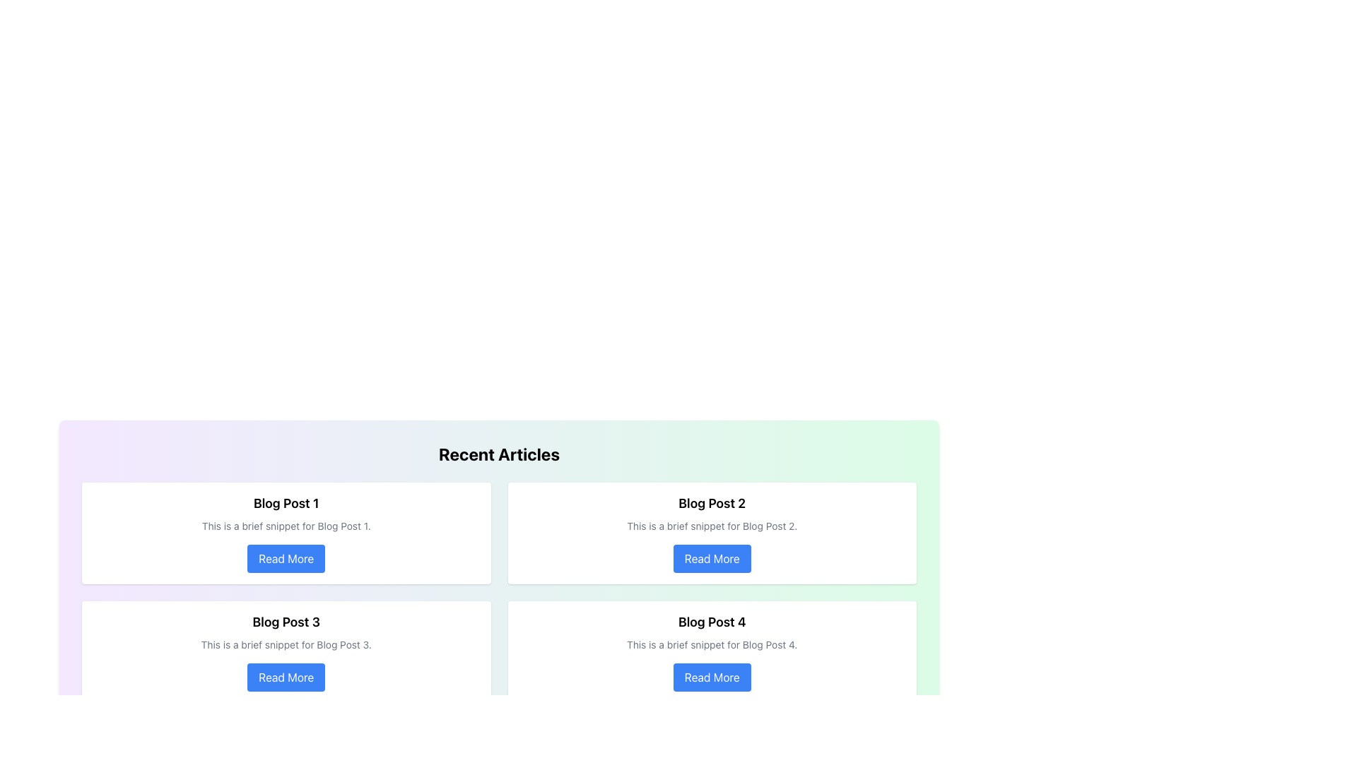  I want to click on the title Text label of the article, located in the second row, first column of the article grid, so click(286, 621).